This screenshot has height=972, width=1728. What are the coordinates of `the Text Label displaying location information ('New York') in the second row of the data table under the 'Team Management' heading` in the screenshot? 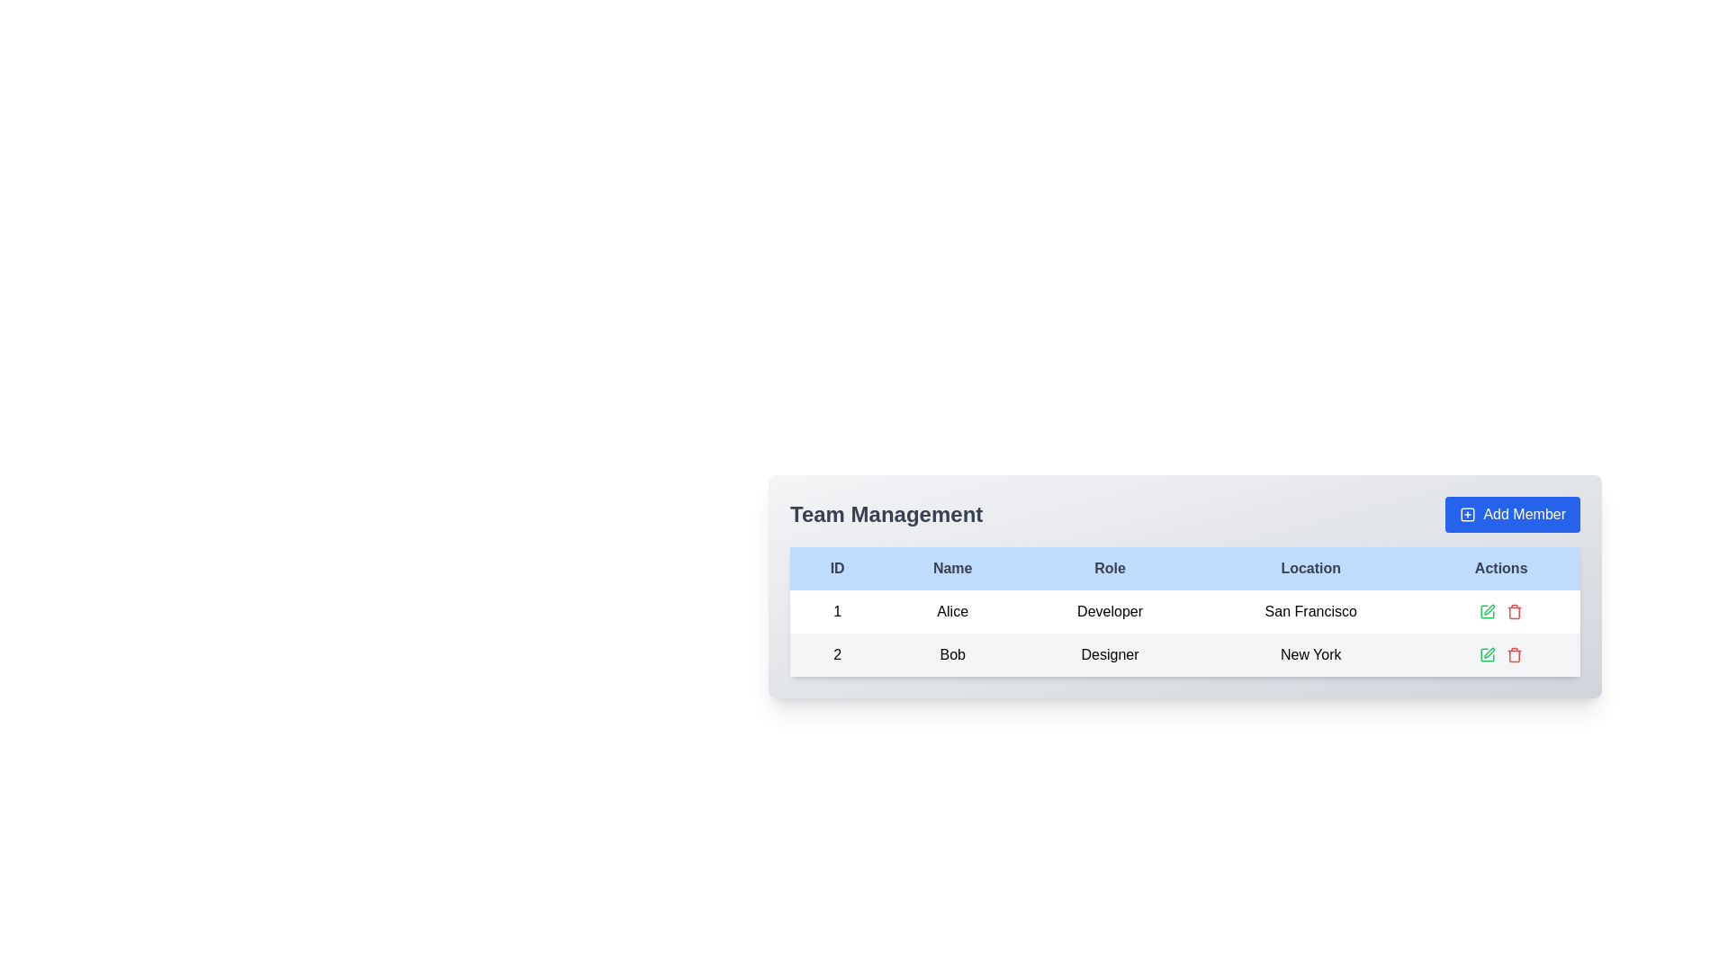 It's located at (1310, 655).